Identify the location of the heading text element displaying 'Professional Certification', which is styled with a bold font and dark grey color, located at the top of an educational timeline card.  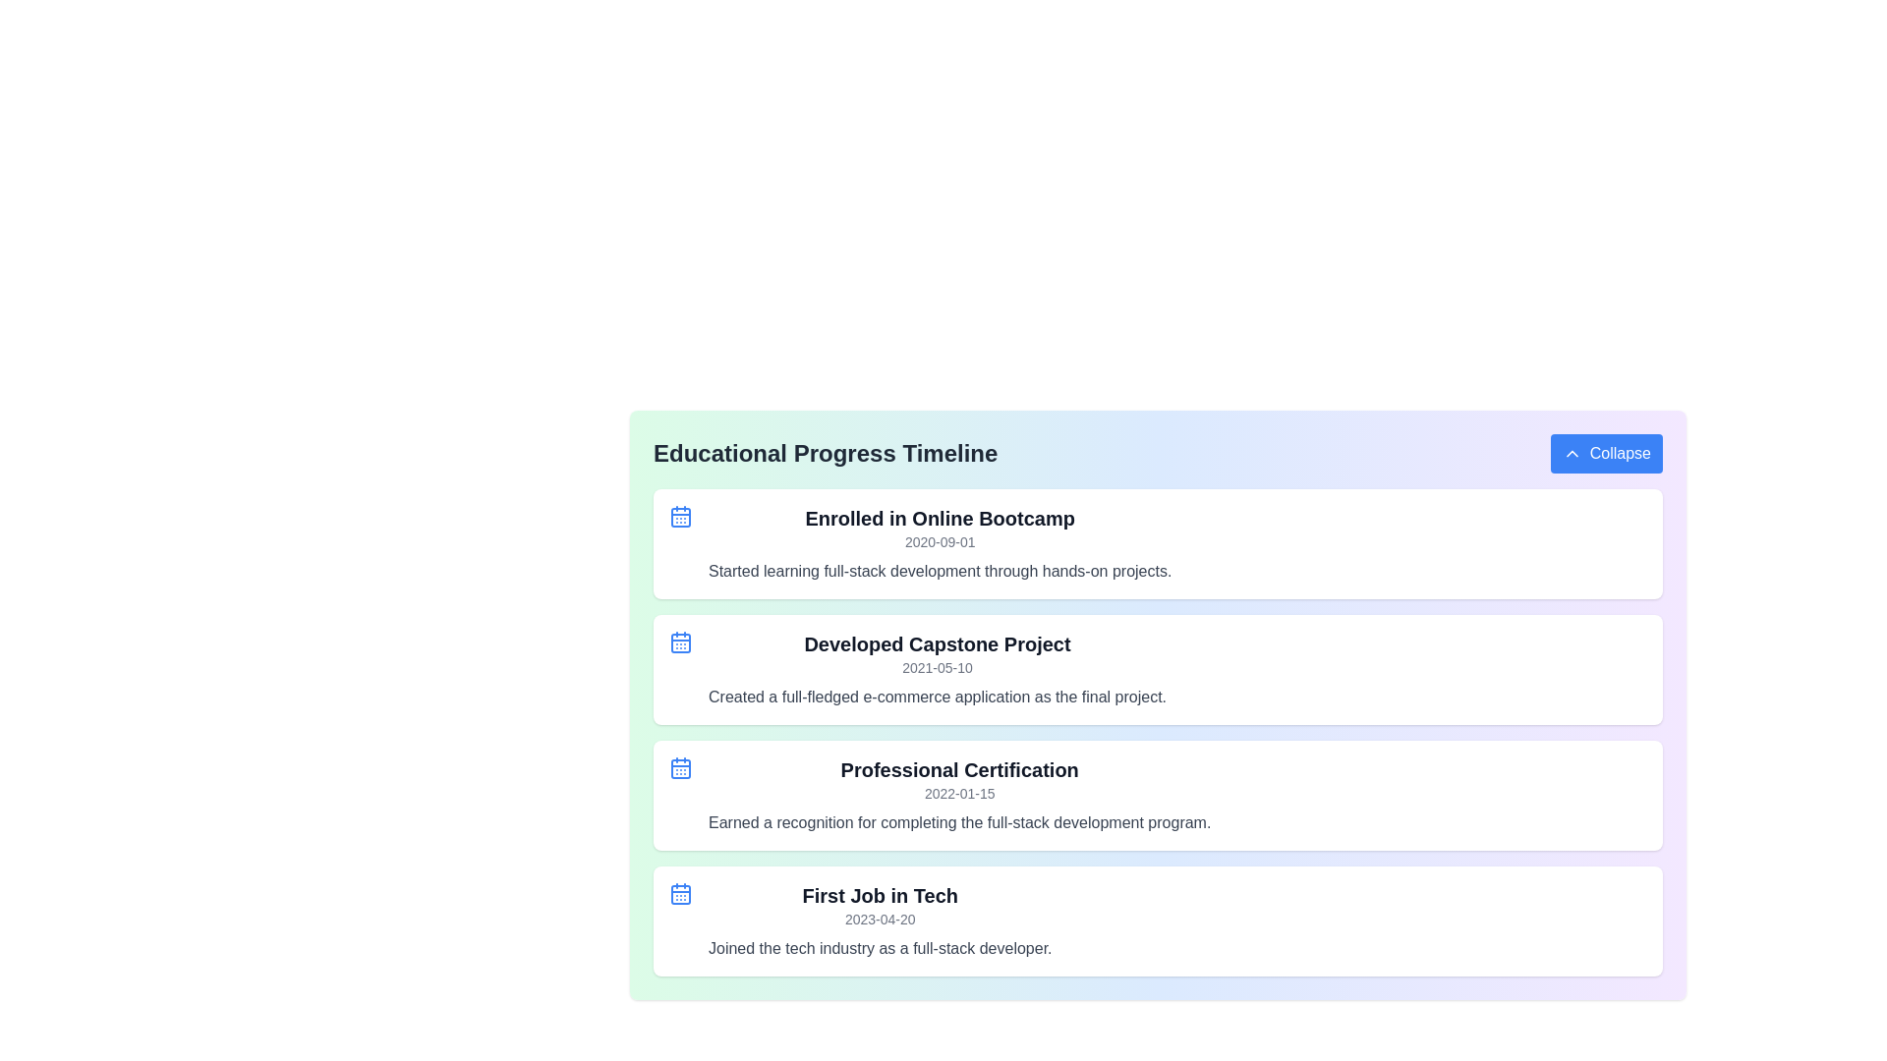
(959, 768).